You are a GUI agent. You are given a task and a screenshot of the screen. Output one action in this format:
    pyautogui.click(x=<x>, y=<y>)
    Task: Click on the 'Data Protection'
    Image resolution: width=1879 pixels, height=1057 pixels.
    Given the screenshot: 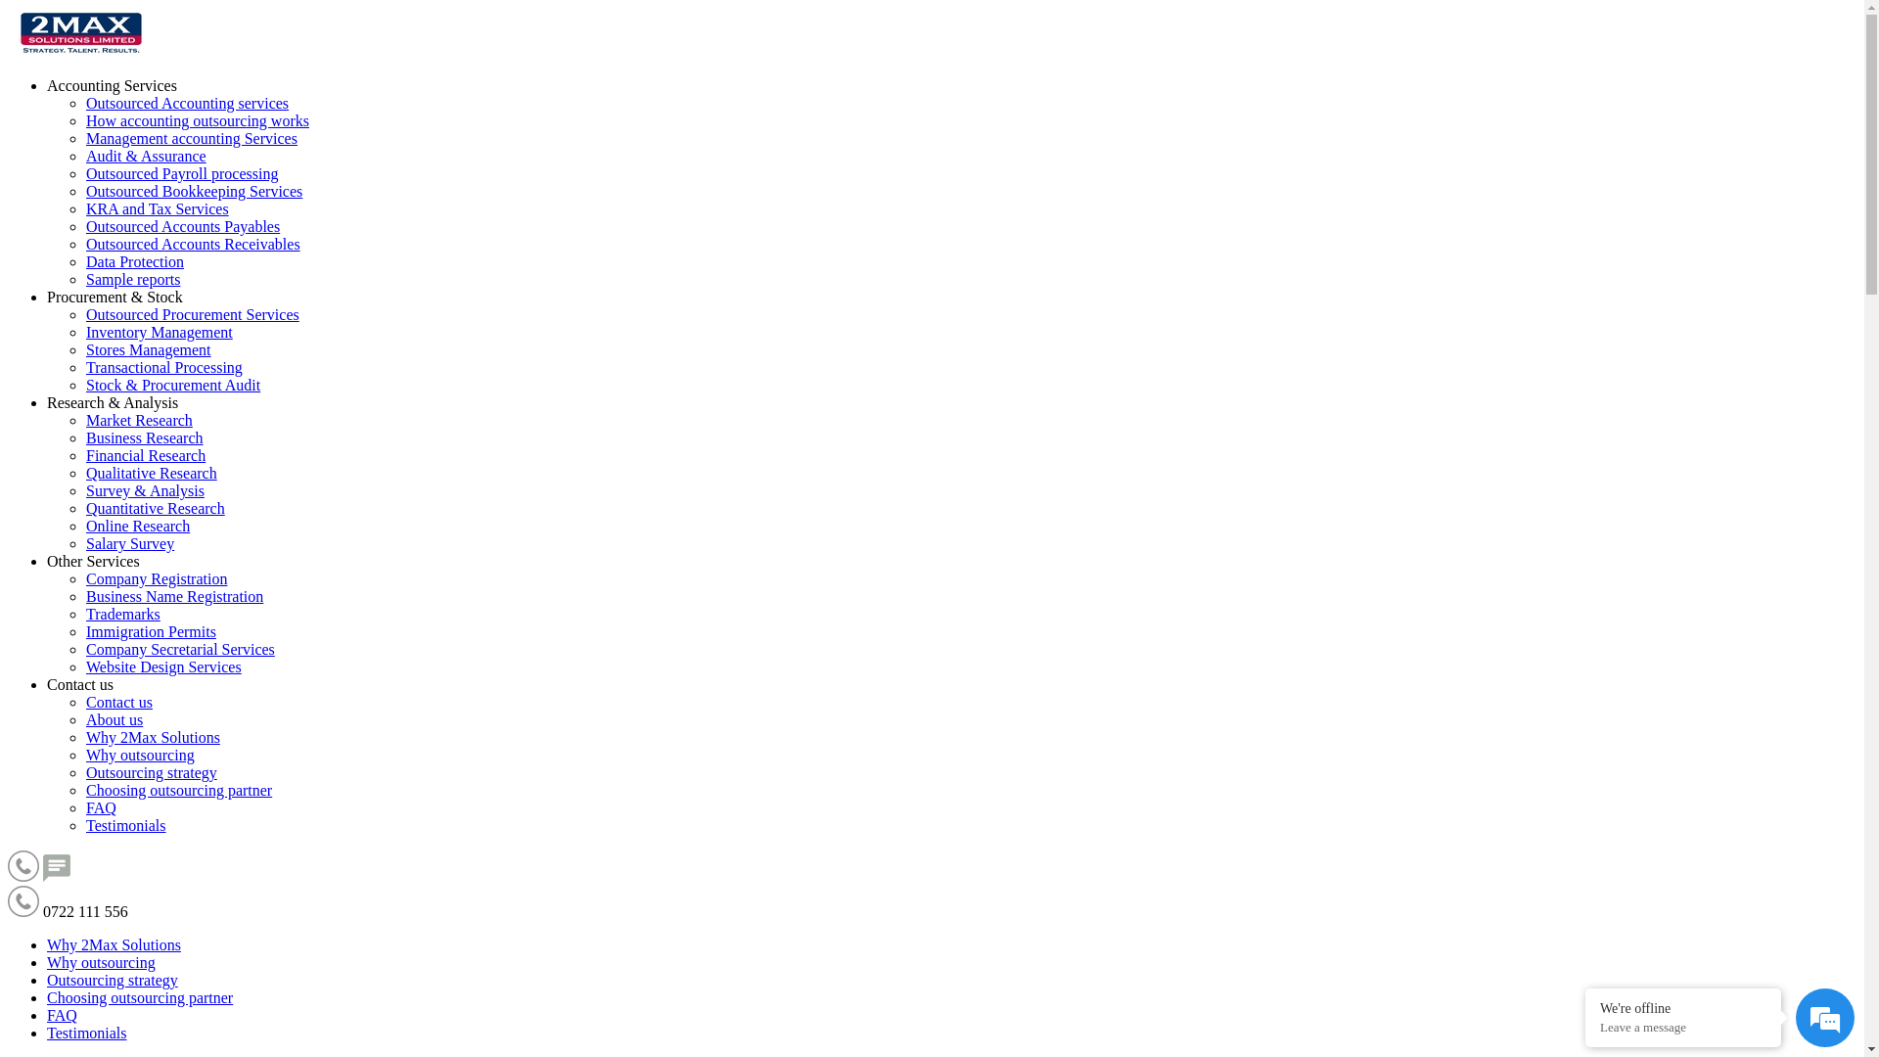 What is the action you would take?
    pyautogui.click(x=134, y=260)
    